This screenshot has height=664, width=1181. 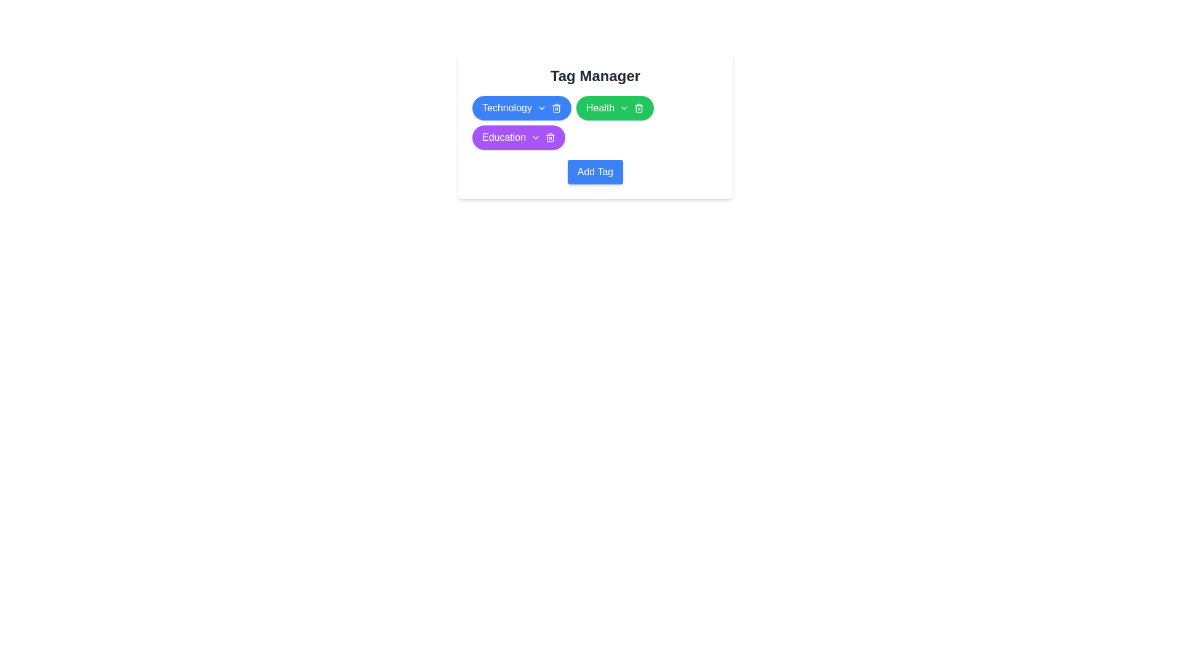 What do you see at coordinates (550, 137) in the screenshot?
I see `the tag with the text Education by clicking the trash icon next to it` at bounding box center [550, 137].